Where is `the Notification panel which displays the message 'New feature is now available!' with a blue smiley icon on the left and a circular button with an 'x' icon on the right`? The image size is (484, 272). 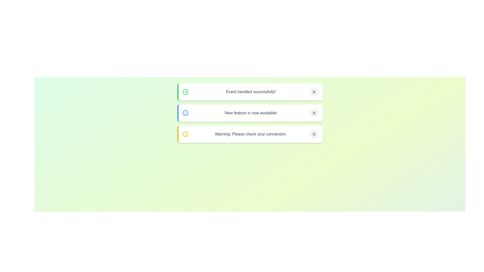
the Notification panel which displays the message 'New feature is now available!' with a blue smiley icon on the left and a circular button with an 'x' icon on the right is located at coordinates (250, 113).